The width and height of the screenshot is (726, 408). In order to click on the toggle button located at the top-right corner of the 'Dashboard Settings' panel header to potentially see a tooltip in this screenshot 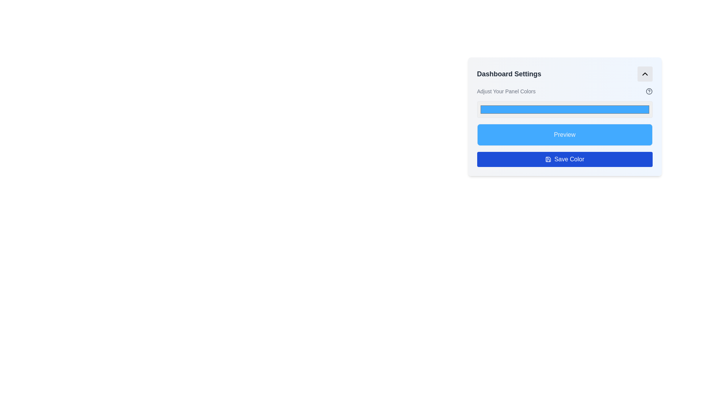, I will do `click(644, 74)`.